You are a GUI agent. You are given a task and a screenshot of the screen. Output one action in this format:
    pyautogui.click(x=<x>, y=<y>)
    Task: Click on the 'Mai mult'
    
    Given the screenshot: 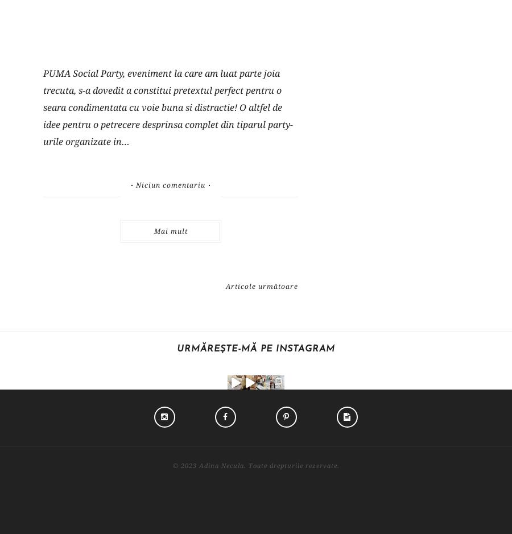 What is the action you would take?
    pyautogui.click(x=170, y=230)
    